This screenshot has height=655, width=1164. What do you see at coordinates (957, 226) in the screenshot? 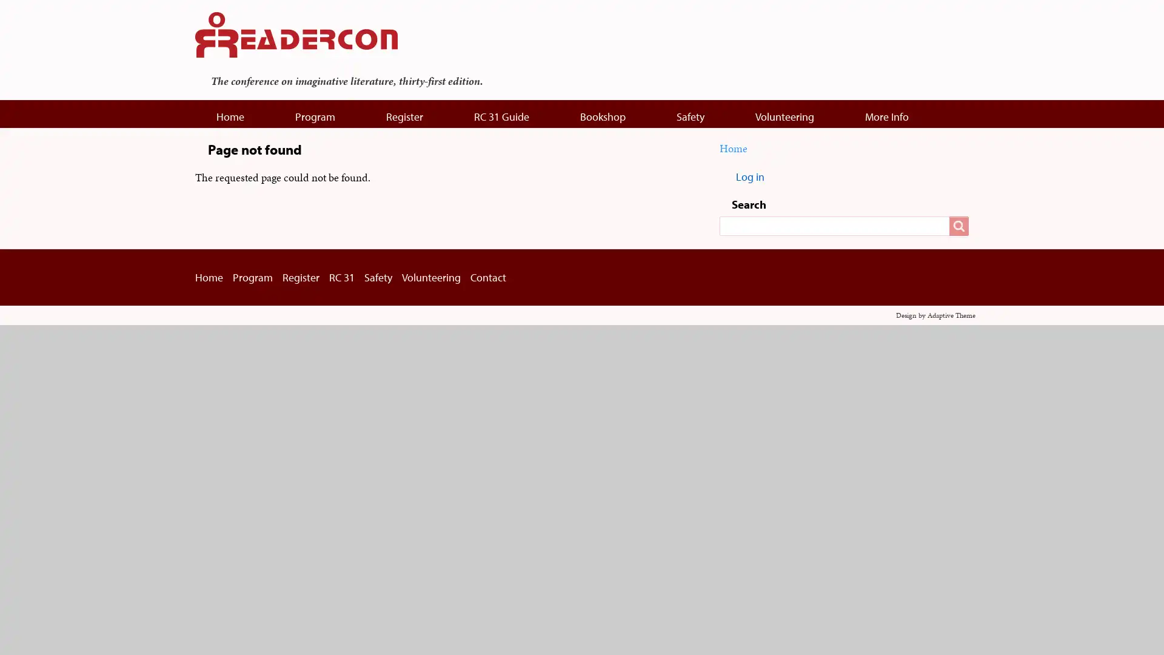
I see `Search` at bounding box center [957, 226].